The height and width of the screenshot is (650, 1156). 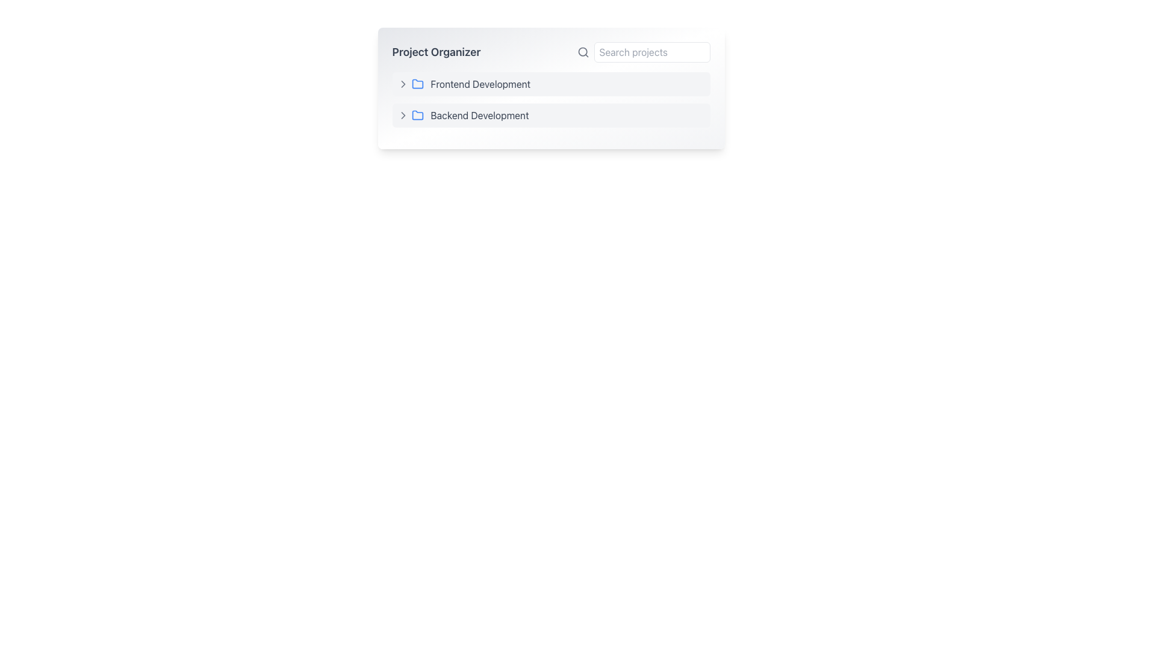 I want to click on the rightward chevron icon adjacent to the text 'Backend Development', so click(x=403, y=116).